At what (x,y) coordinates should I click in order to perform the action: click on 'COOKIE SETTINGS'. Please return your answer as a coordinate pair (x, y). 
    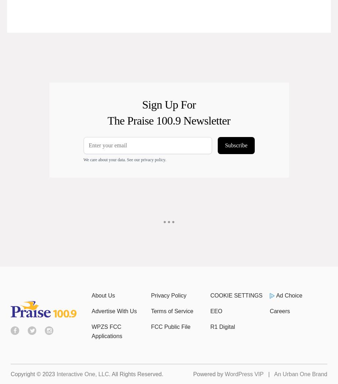
    Looking at the image, I should click on (236, 295).